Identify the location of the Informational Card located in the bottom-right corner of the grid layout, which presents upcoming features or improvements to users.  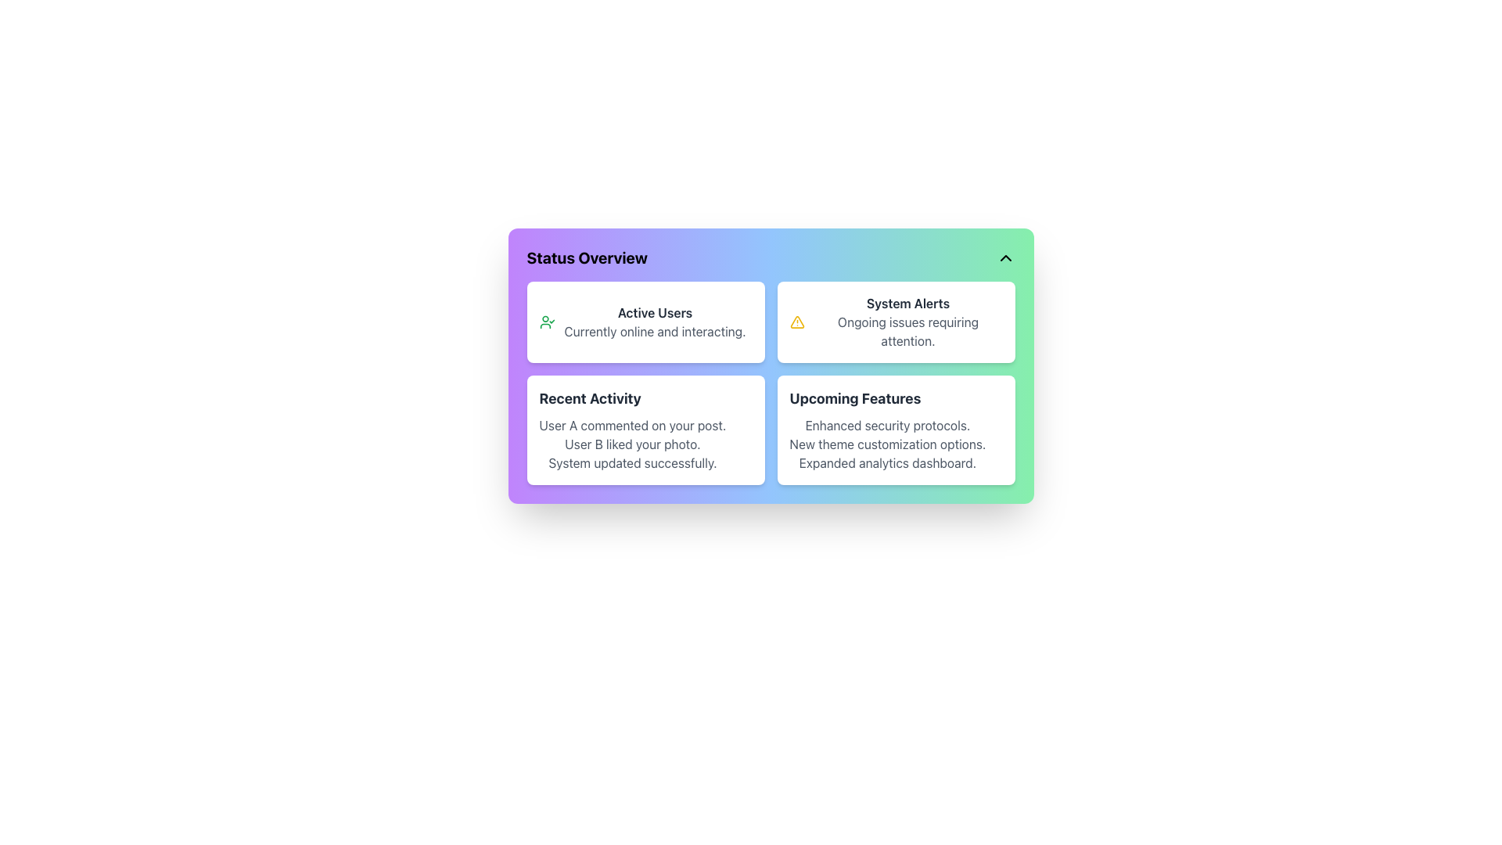
(896, 430).